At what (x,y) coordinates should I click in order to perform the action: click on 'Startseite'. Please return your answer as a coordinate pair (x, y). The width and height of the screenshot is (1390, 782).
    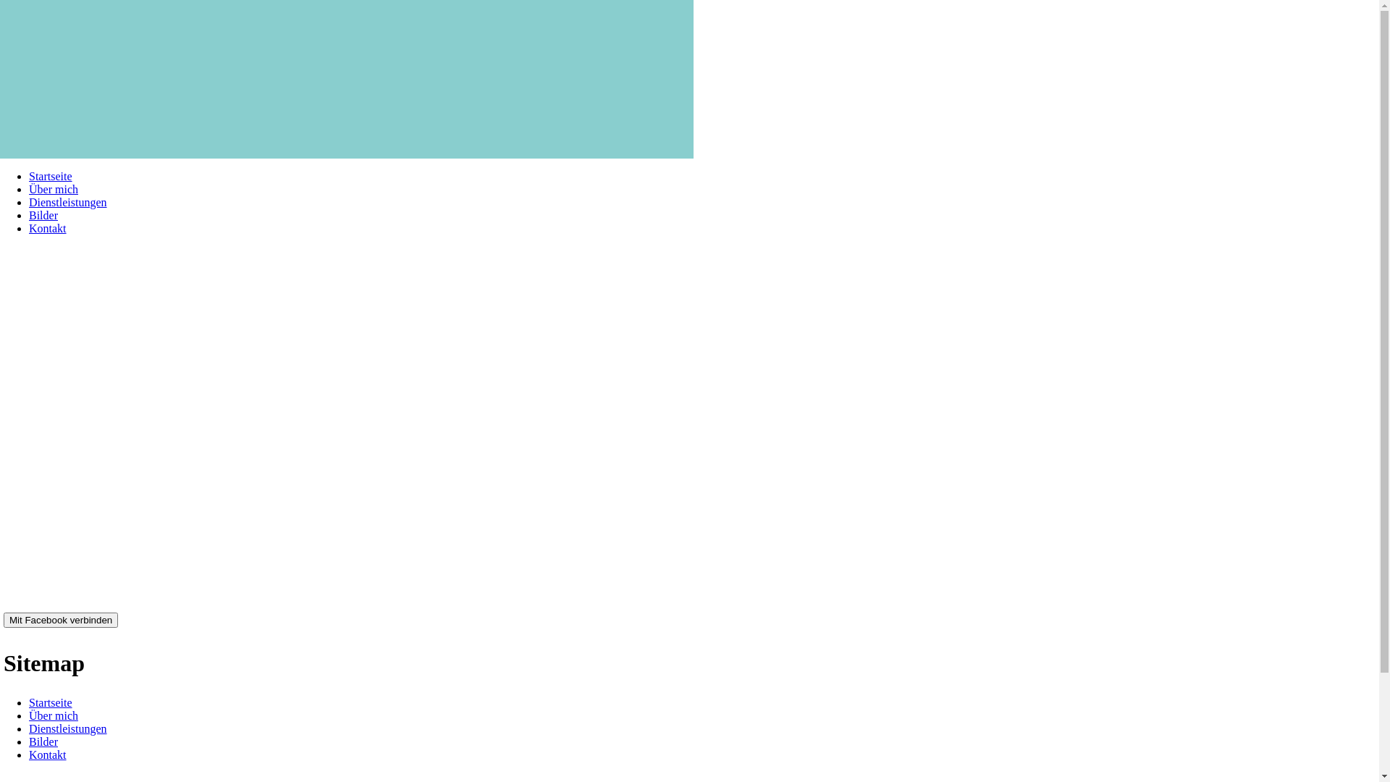
    Looking at the image, I should click on (51, 175).